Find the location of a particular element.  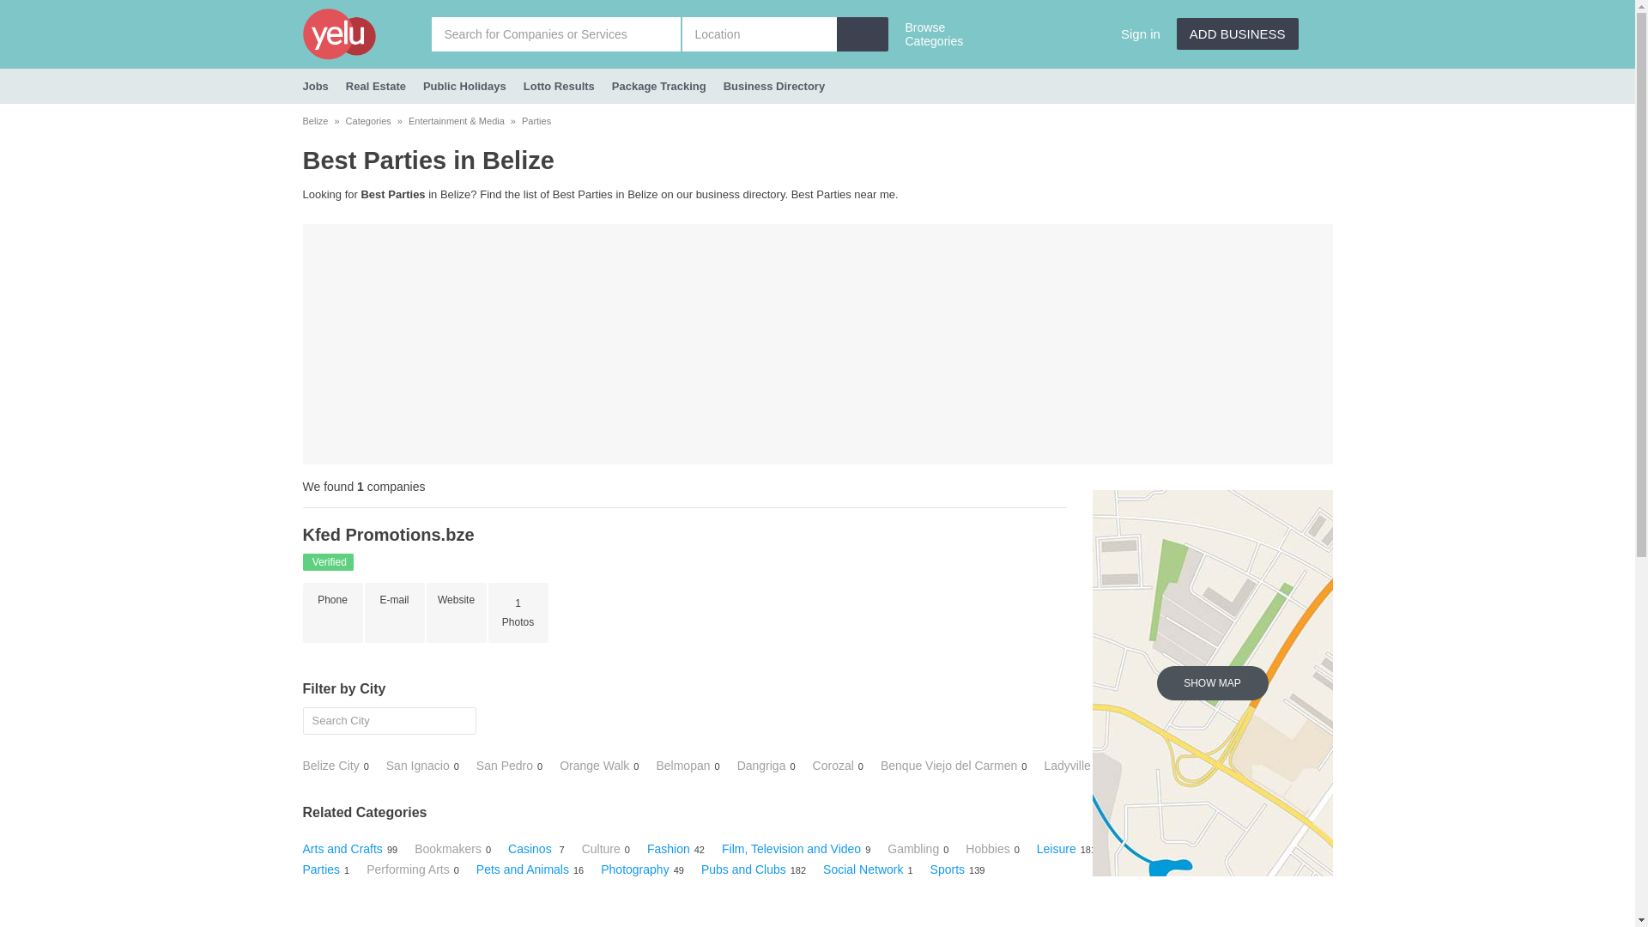

'Sign in' is located at coordinates (1141, 33).